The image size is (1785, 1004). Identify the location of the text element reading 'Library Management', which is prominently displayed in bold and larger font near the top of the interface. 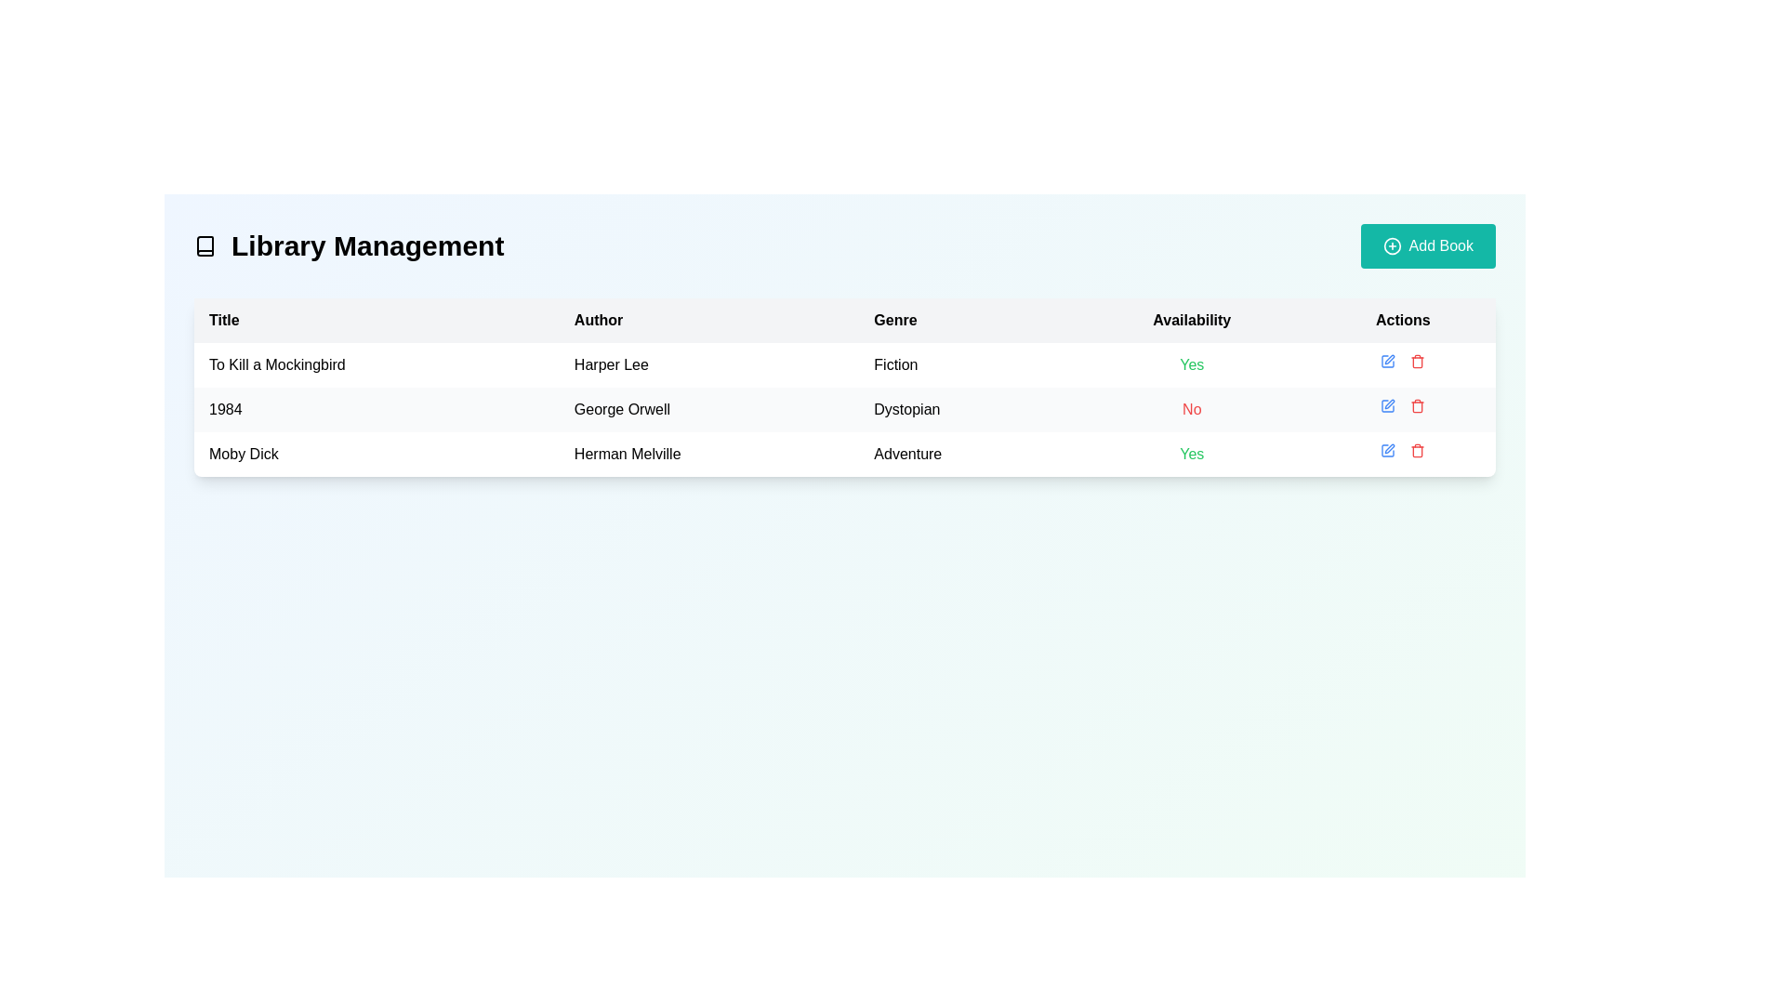
(367, 245).